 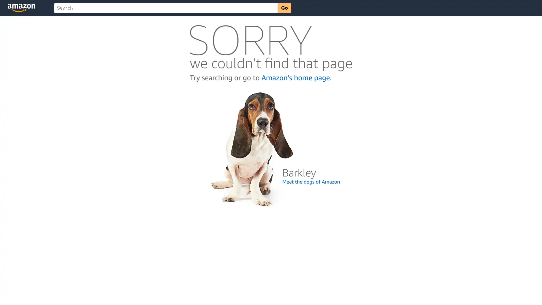 What do you see at coordinates (285, 8) in the screenshot?
I see `Go` at bounding box center [285, 8].